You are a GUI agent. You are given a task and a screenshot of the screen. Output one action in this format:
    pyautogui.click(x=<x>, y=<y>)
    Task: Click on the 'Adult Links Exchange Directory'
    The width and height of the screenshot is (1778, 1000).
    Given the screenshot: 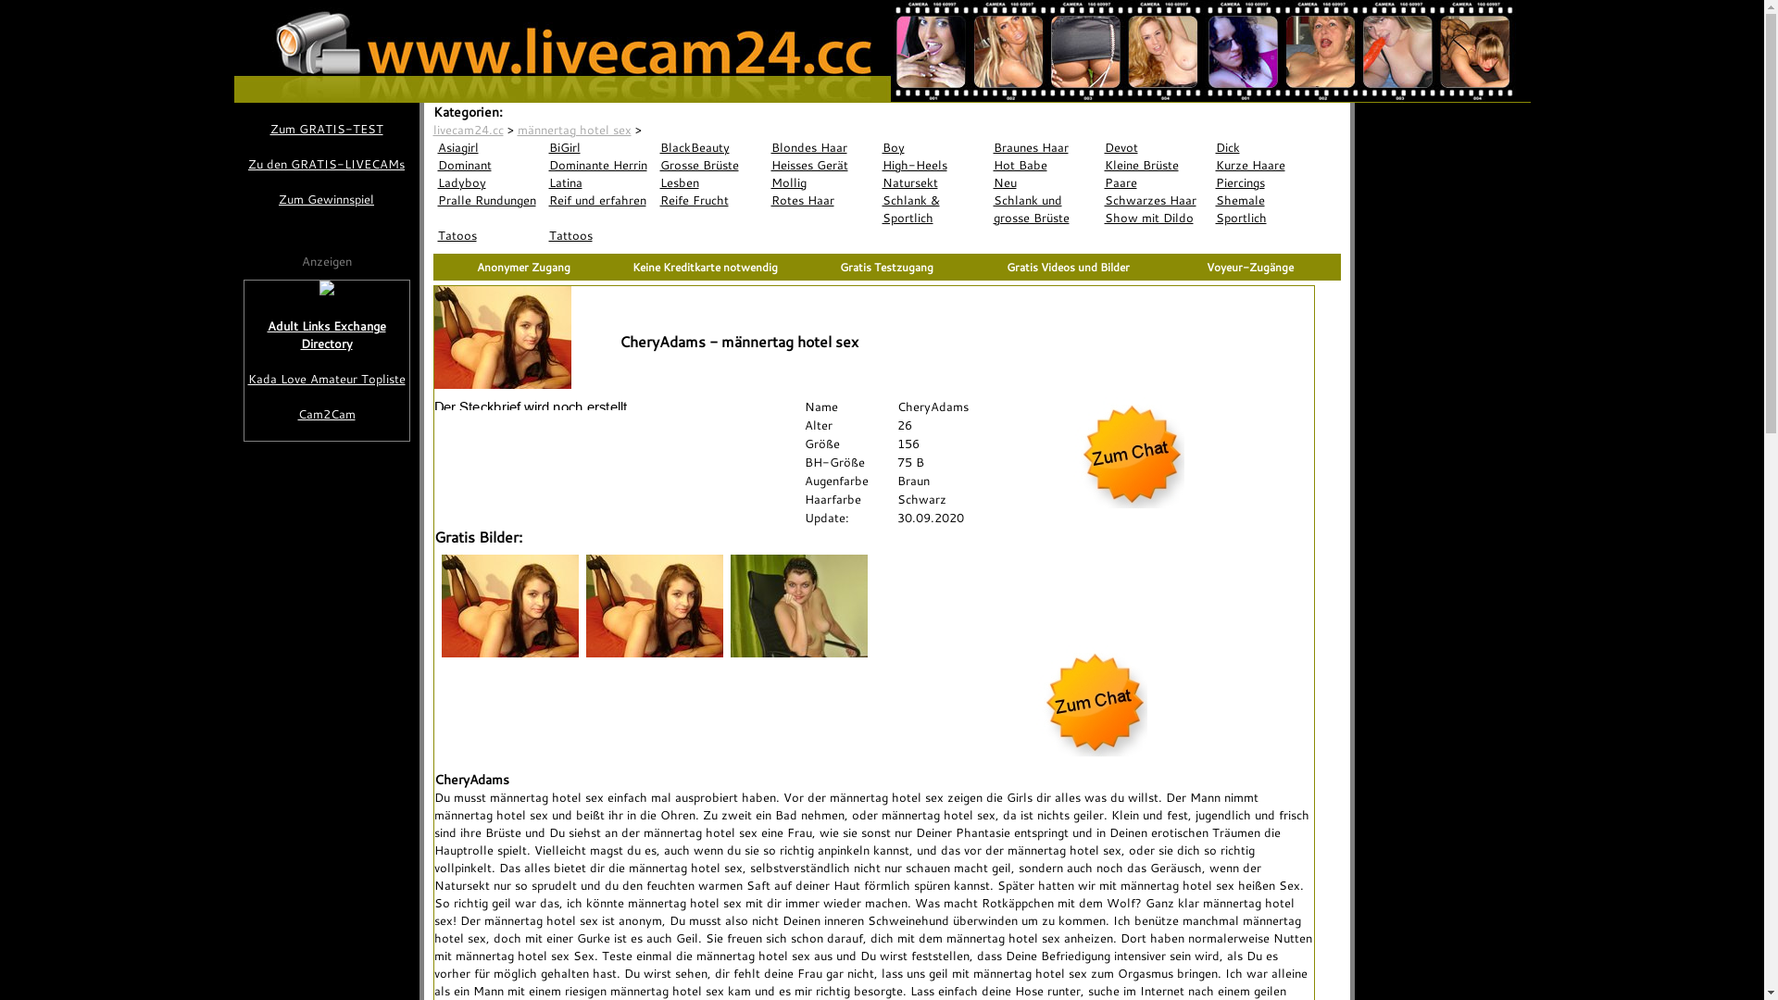 What is the action you would take?
    pyautogui.click(x=244, y=335)
    